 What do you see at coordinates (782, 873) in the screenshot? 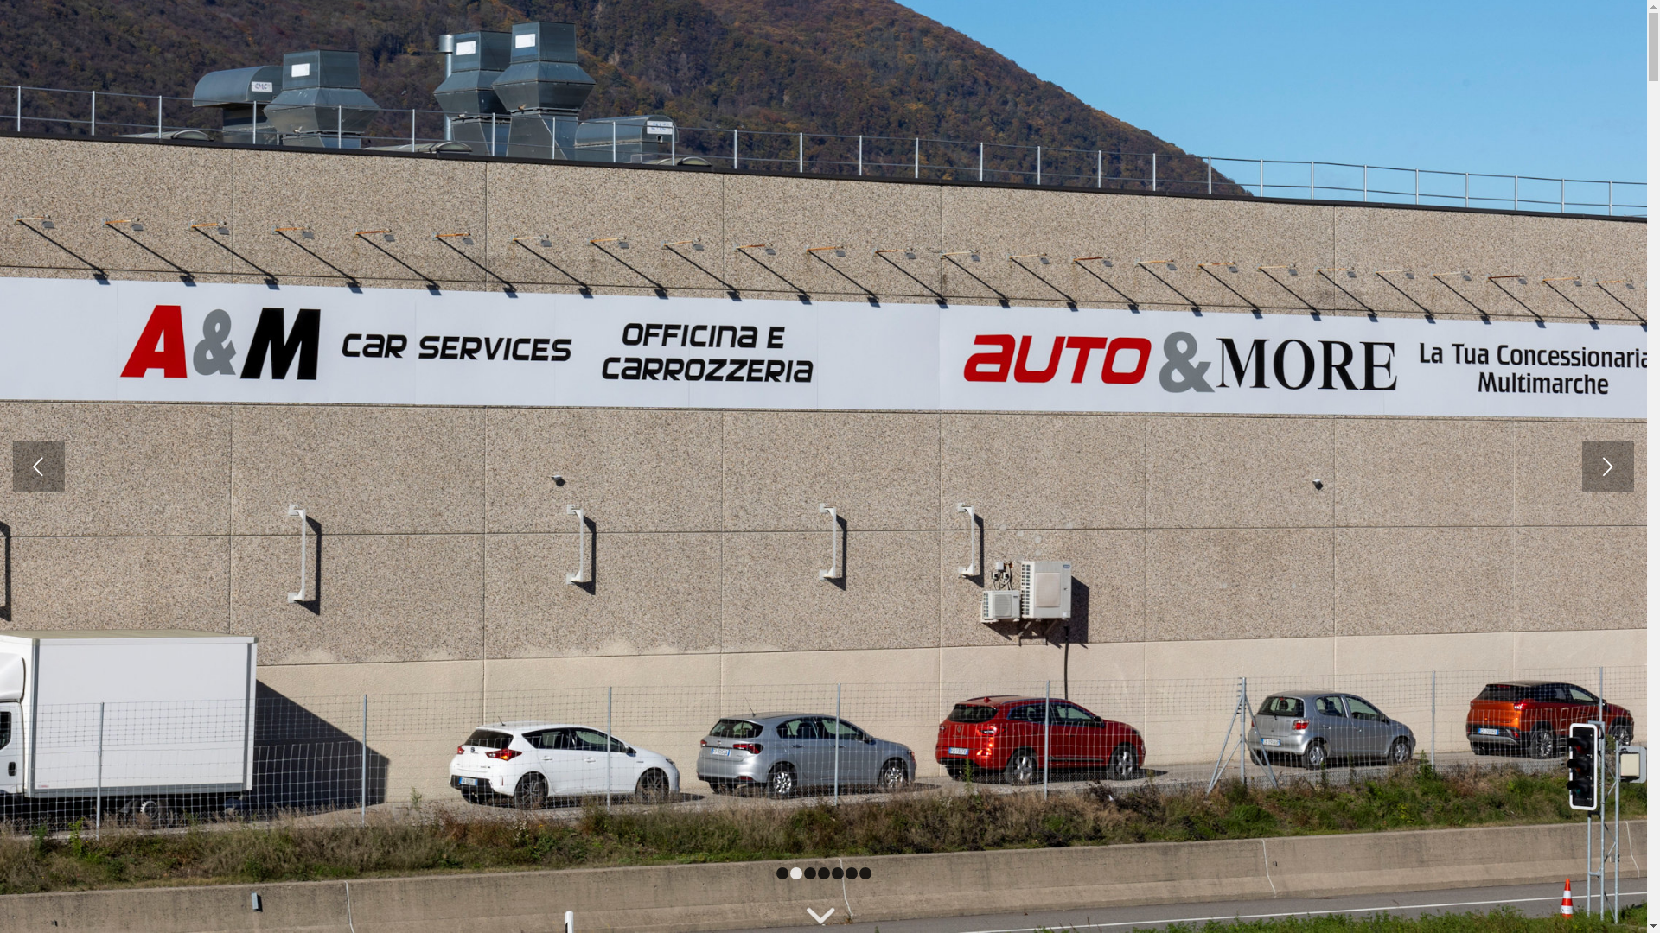
I see `'1'` at bounding box center [782, 873].